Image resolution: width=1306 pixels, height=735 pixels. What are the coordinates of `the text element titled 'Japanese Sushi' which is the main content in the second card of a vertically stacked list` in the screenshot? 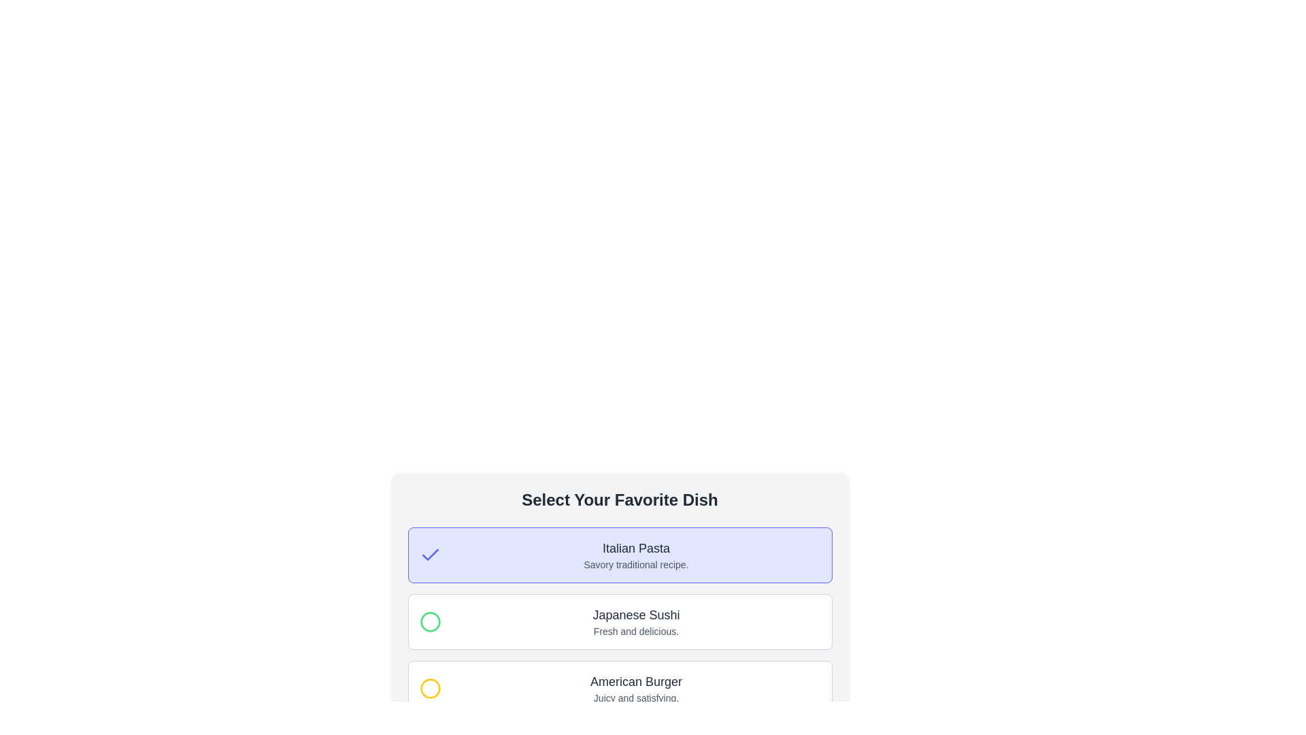 It's located at (635, 622).